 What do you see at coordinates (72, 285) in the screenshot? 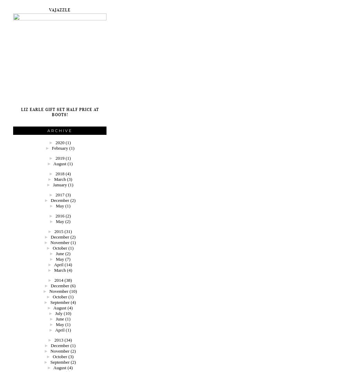
I see `'(6)'` at bounding box center [72, 285].